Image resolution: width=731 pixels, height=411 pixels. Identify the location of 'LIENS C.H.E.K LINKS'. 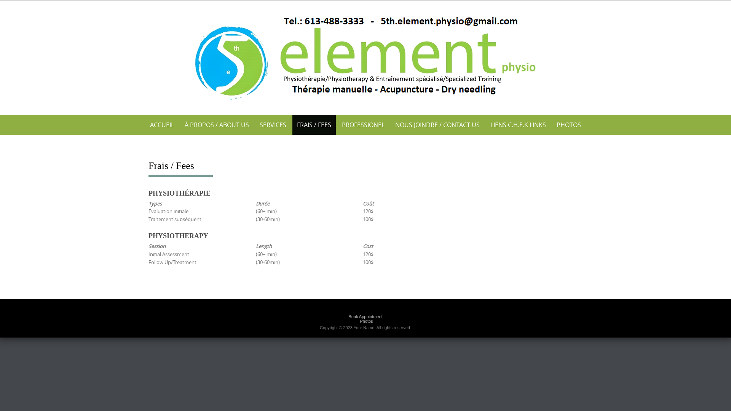
(518, 124).